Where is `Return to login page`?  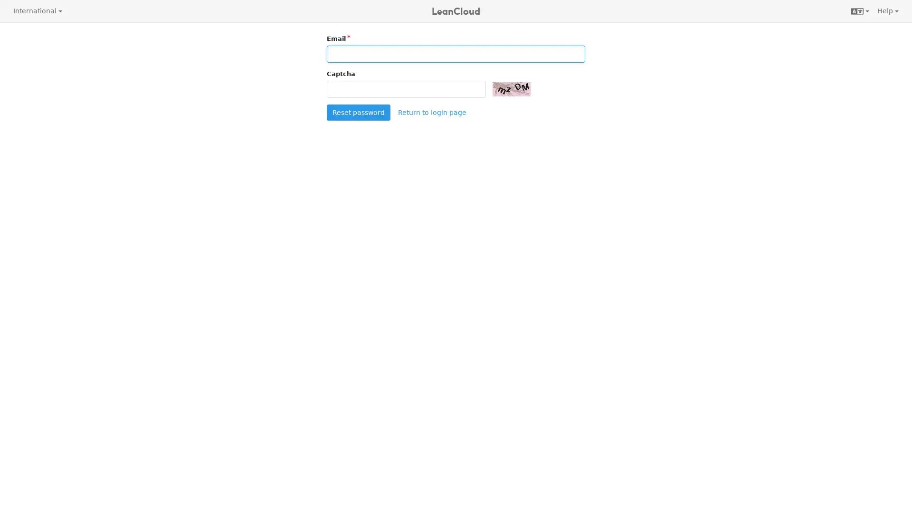
Return to login page is located at coordinates (431, 111).